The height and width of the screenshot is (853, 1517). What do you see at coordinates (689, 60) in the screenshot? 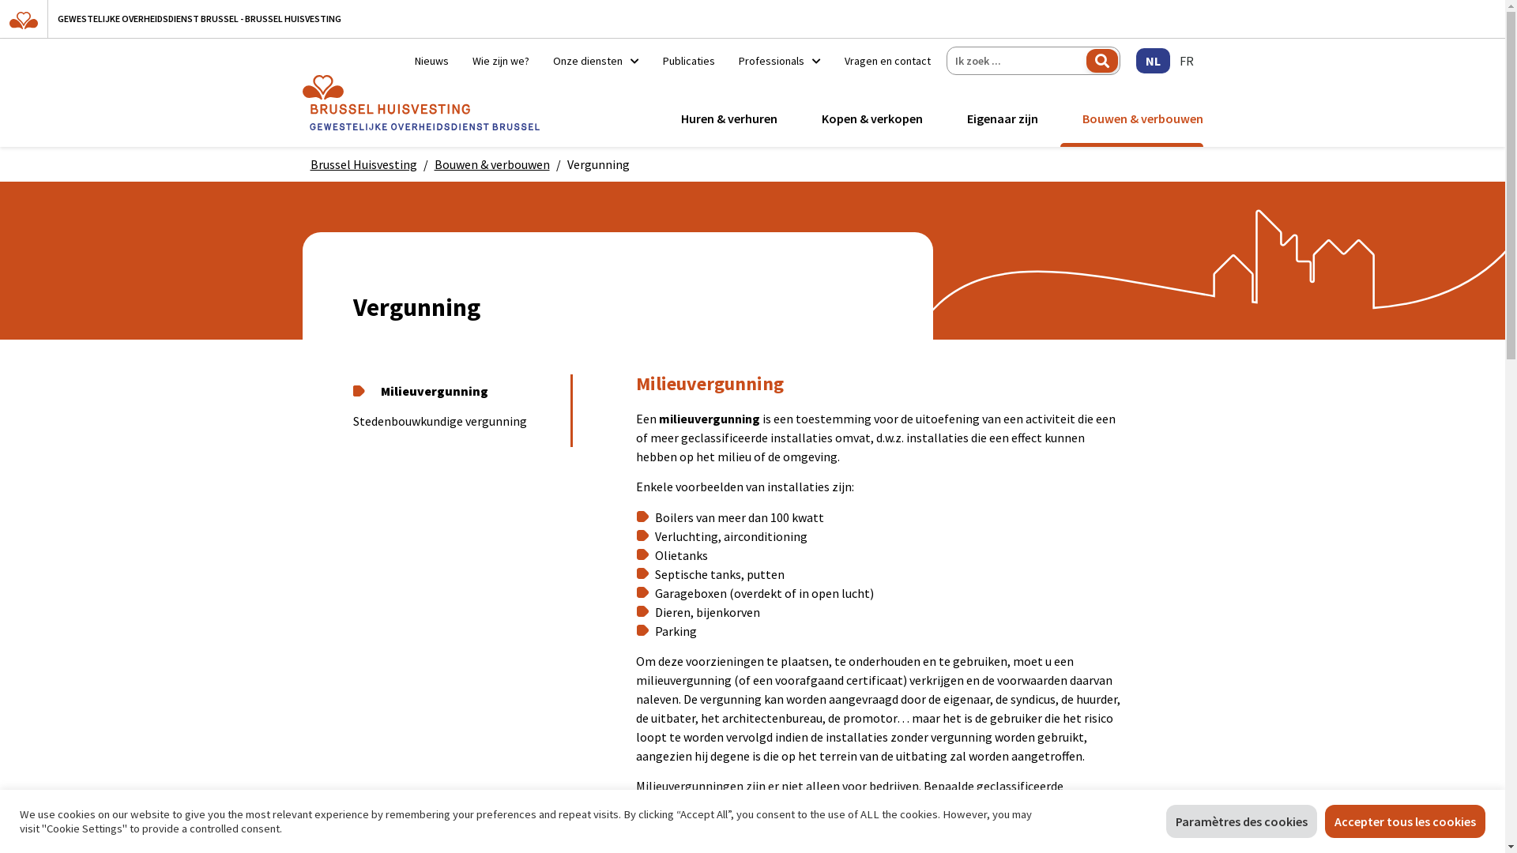
I see `'Publicaties'` at bounding box center [689, 60].